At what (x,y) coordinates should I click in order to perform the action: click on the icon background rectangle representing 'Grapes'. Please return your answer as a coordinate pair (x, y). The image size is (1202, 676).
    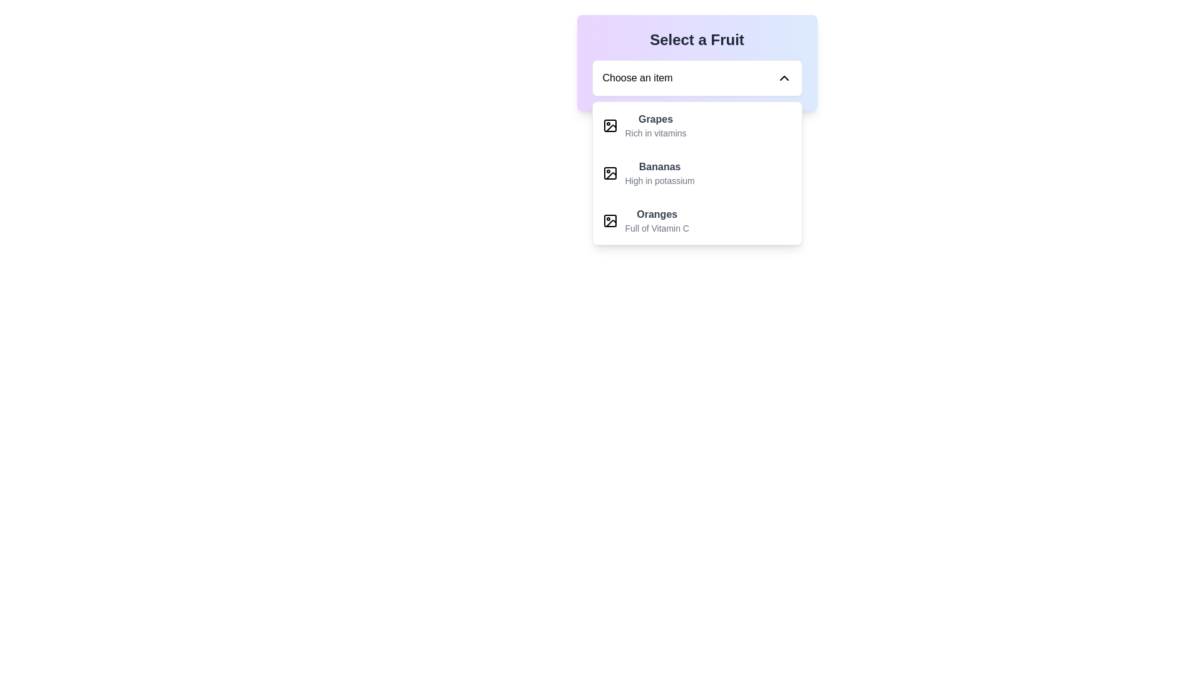
    Looking at the image, I should click on (610, 125).